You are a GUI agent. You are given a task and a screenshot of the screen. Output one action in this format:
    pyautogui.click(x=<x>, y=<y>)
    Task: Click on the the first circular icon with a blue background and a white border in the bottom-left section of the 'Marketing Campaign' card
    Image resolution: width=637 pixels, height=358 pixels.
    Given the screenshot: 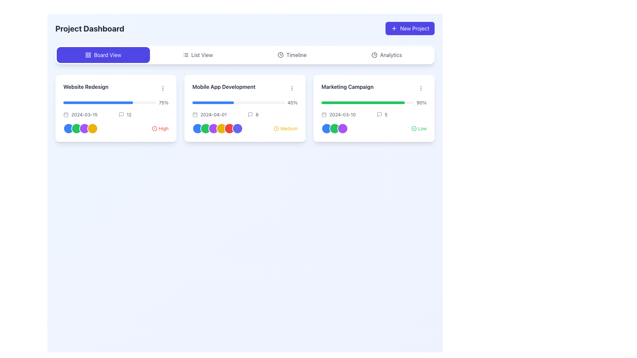 What is the action you would take?
    pyautogui.click(x=326, y=129)
    